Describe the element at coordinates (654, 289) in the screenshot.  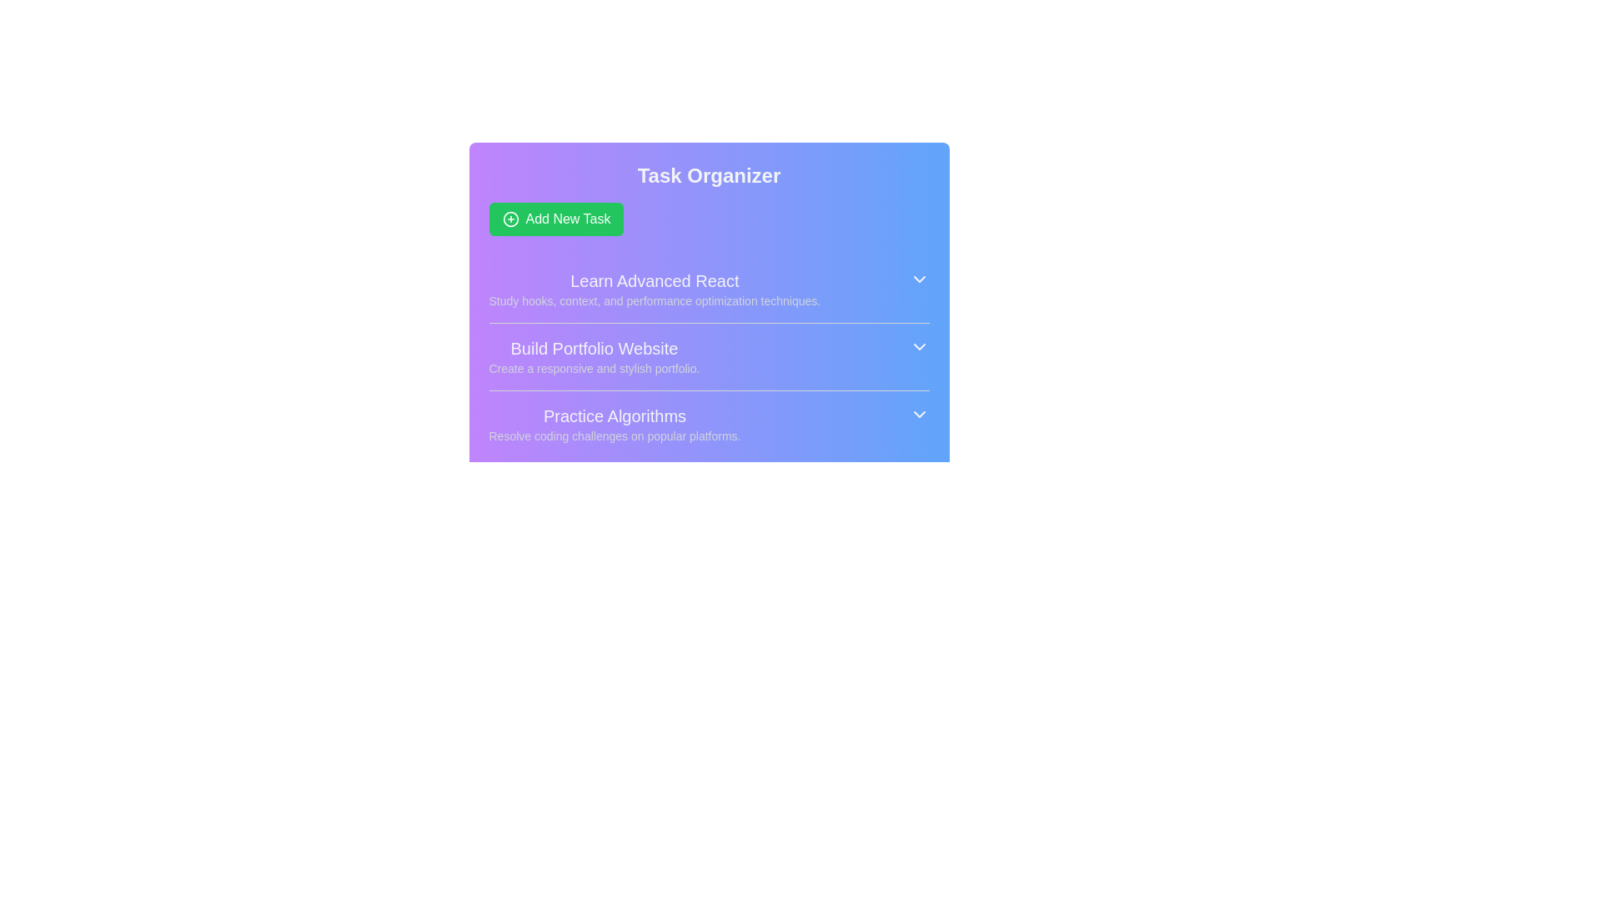
I see `the task title and description Text block located within the 'Task Organizer' floating card, which is positioned below the 'Add New Task' button to focus on it` at that location.